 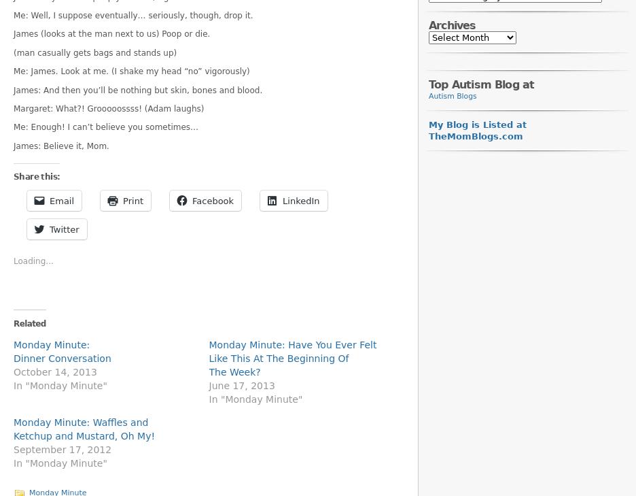 What do you see at coordinates (37, 176) in the screenshot?
I see `'Share this:'` at bounding box center [37, 176].